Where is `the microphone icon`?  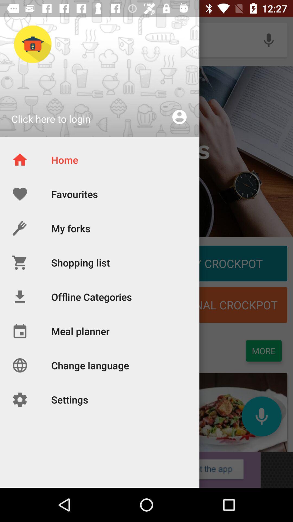 the microphone icon is located at coordinates (261, 416).